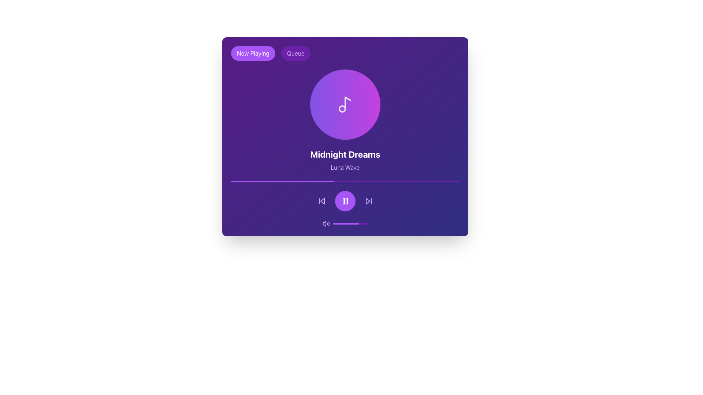 This screenshot has height=395, width=703. Describe the element at coordinates (345, 201) in the screenshot. I see `the pause button located centrally in the playback control panel of the music player interface` at that location.